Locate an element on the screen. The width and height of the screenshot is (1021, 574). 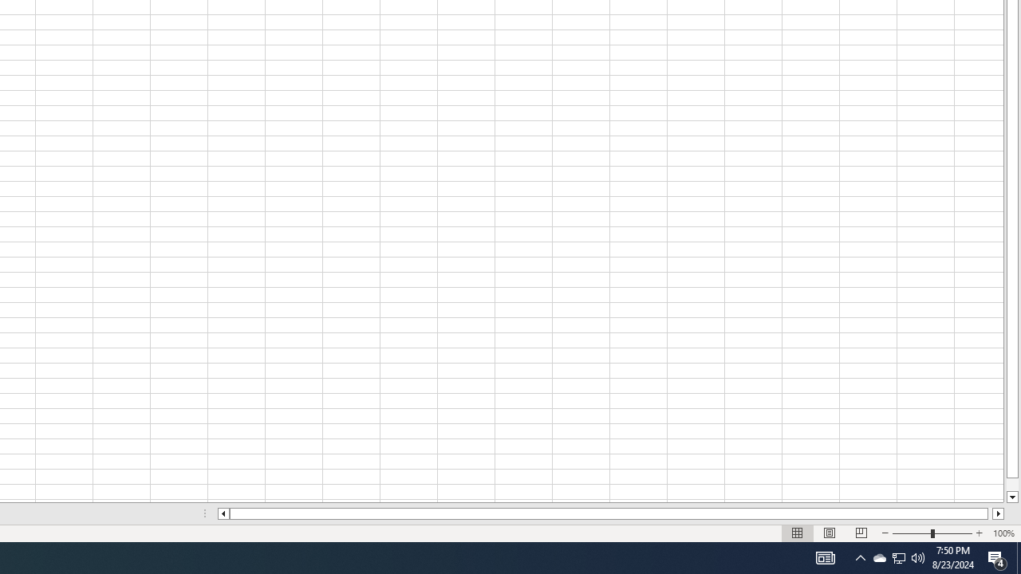
'Zoom Out' is located at coordinates (912, 533).